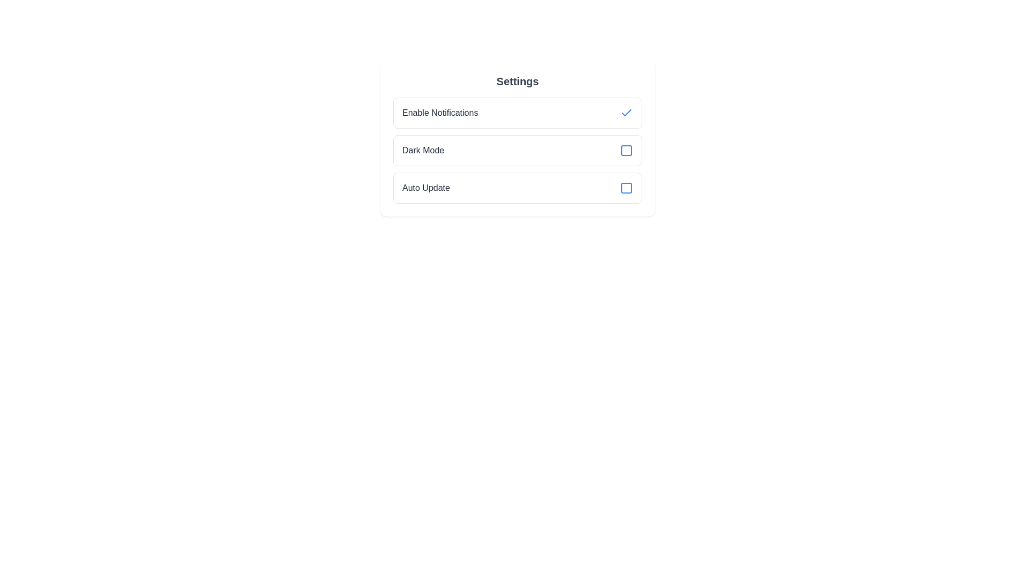  What do you see at coordinates (517, 80) in the screenshot?
I see `the 'Settings' text element, which is a bold, dark gray font header positioned above the settings options` at bounding box center [517, 80].